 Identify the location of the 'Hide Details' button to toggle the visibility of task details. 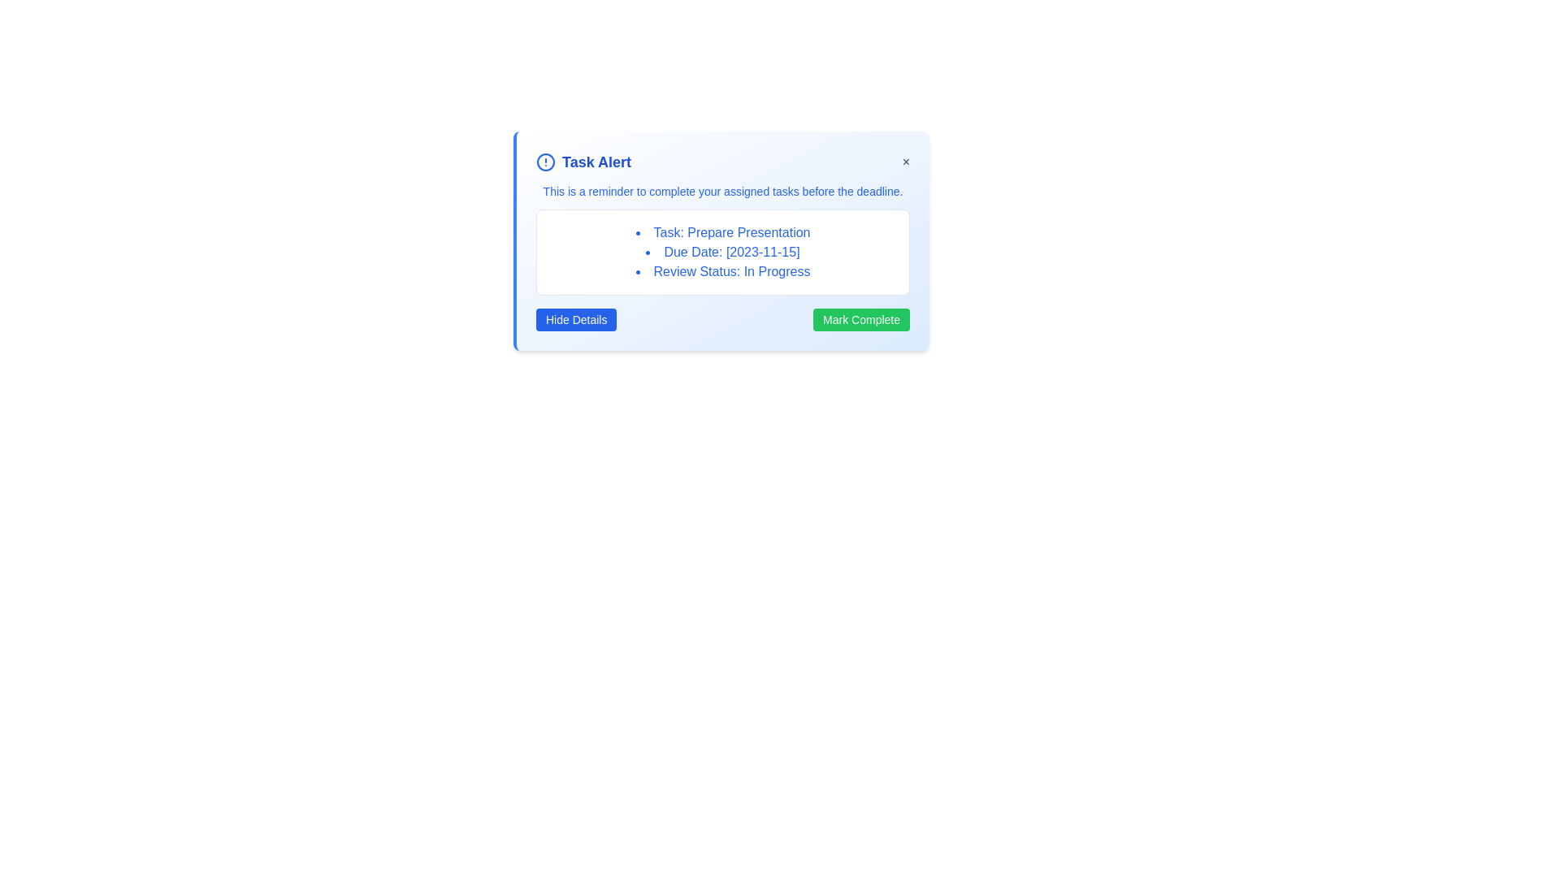
(576, 319).